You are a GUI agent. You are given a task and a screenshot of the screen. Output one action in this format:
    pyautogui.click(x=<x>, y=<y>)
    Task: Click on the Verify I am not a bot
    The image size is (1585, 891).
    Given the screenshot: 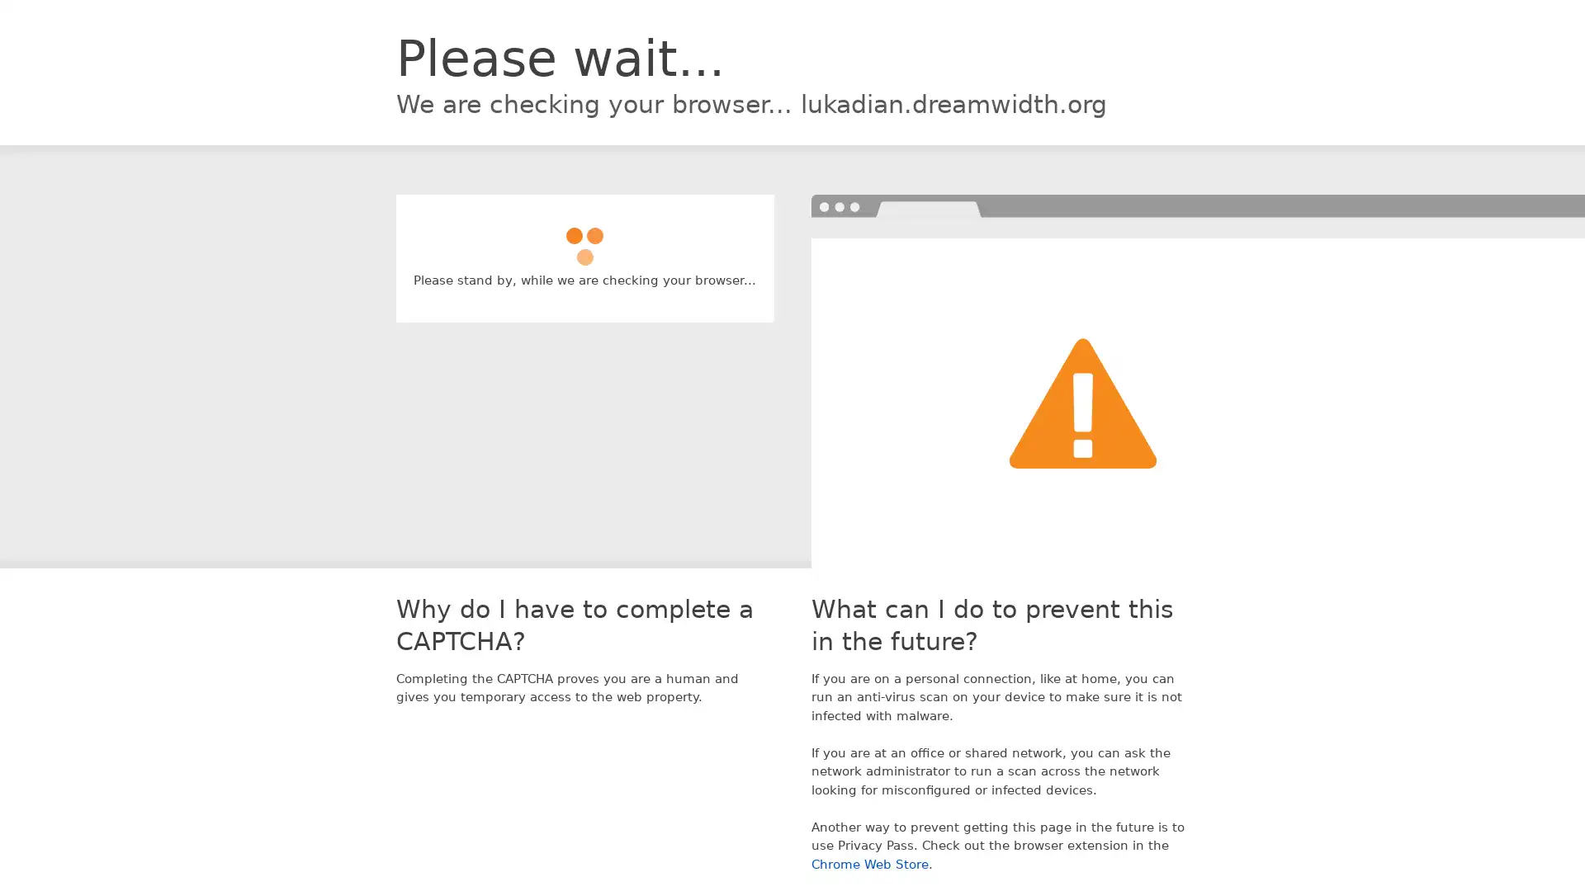 What is the action you would take?
    pyautogui.click(x=584, y=238)
    